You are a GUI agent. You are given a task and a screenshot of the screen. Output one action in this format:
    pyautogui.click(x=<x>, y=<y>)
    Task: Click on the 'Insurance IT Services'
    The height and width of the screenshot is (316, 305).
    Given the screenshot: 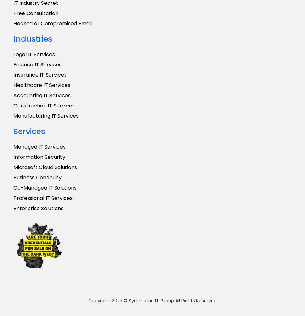 What is the action you would take?
    pyautogui.click(x=40, y=74)
    